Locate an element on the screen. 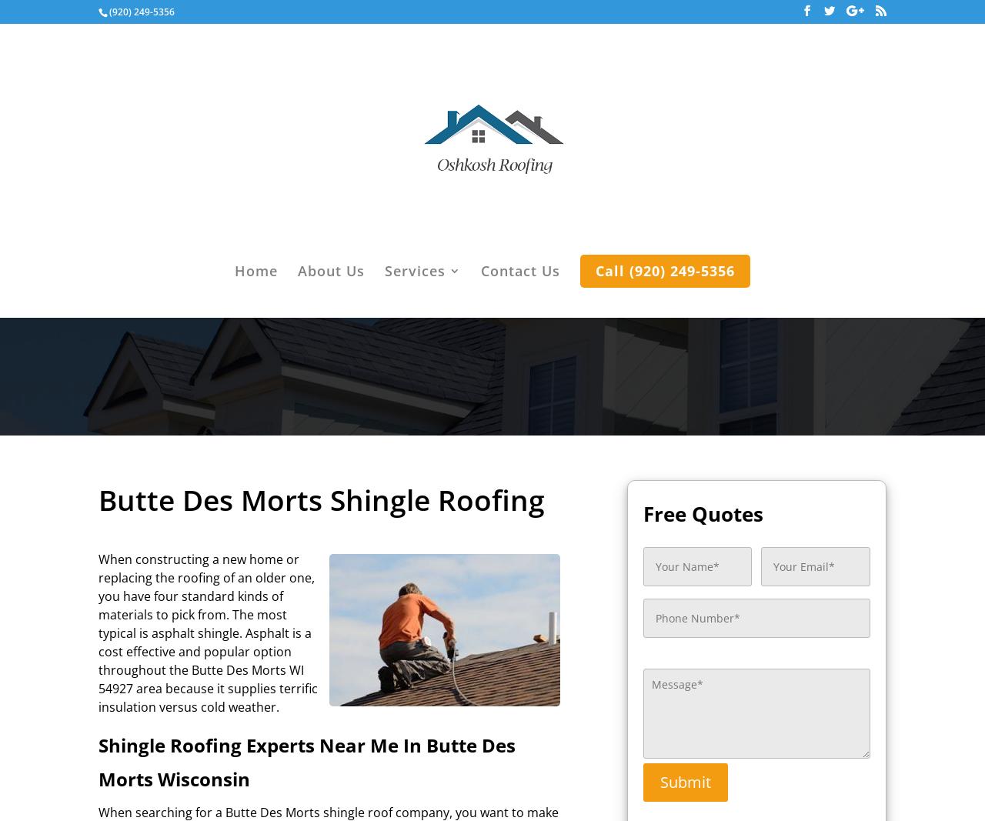  'Metal Roofing' is located at coordinates (466, 465).